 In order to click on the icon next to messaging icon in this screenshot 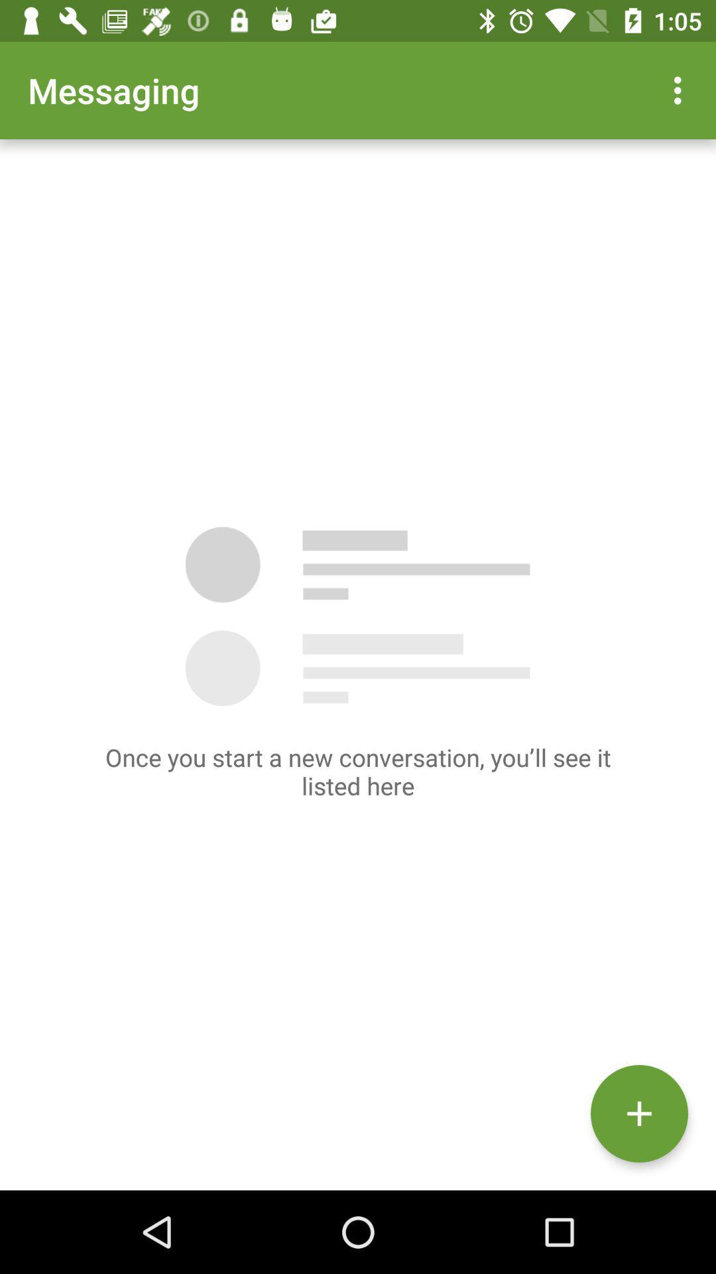, I will do `click(681, 90)`.